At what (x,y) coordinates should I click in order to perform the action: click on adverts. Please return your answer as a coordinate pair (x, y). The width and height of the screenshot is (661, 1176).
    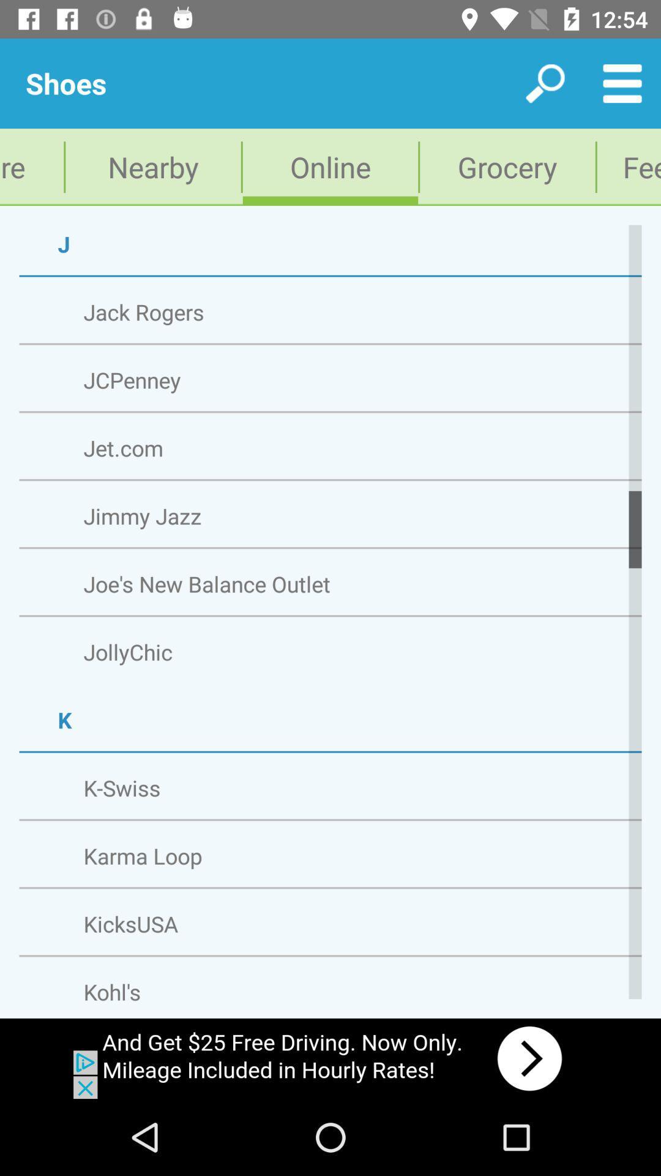
    Looking at the image, I should click on (330, 1058).